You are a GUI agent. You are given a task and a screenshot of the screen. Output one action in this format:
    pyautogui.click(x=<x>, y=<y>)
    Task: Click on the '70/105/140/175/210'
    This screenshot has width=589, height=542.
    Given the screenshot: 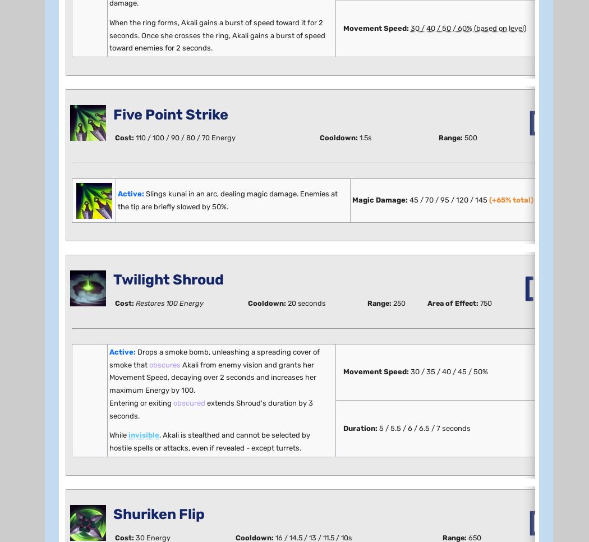 What is the action you would take?
    pyautogui.click(x=199, y=360)
    